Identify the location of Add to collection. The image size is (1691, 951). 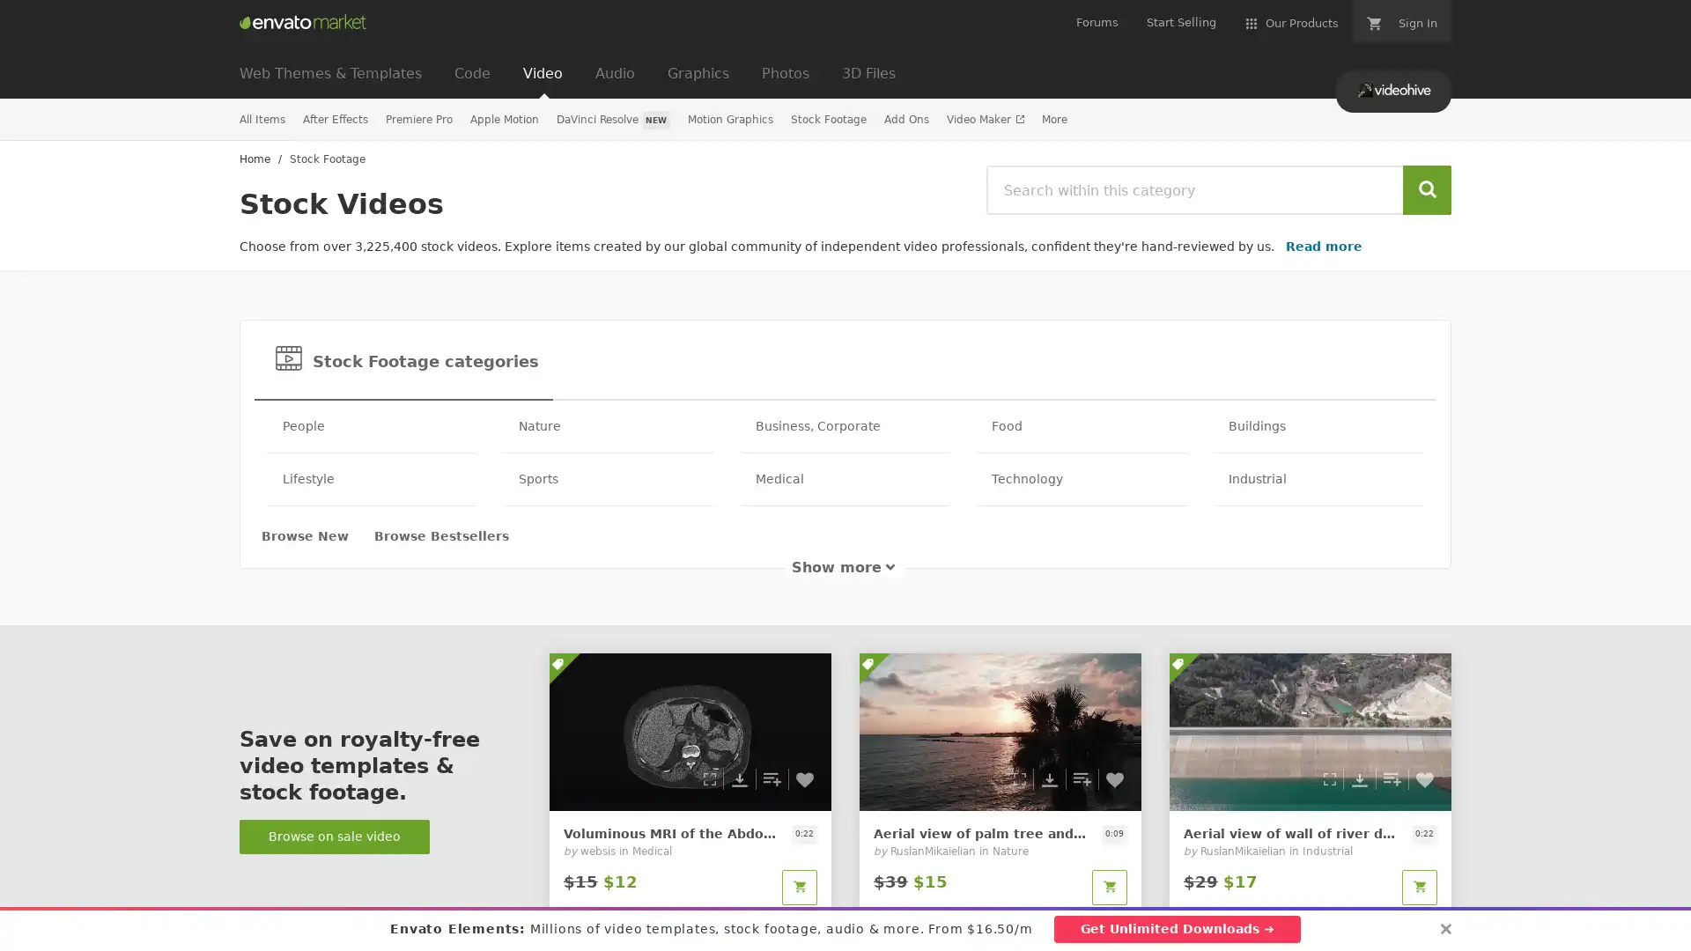
(772, 778).